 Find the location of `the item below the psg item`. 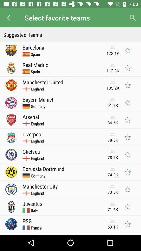

the item below the psg item is located at coordinates (36, 227).